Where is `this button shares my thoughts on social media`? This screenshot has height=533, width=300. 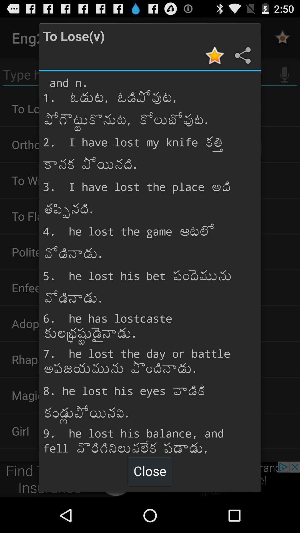 this button shares my thoughts on social media is located at coordinates (242, 55).